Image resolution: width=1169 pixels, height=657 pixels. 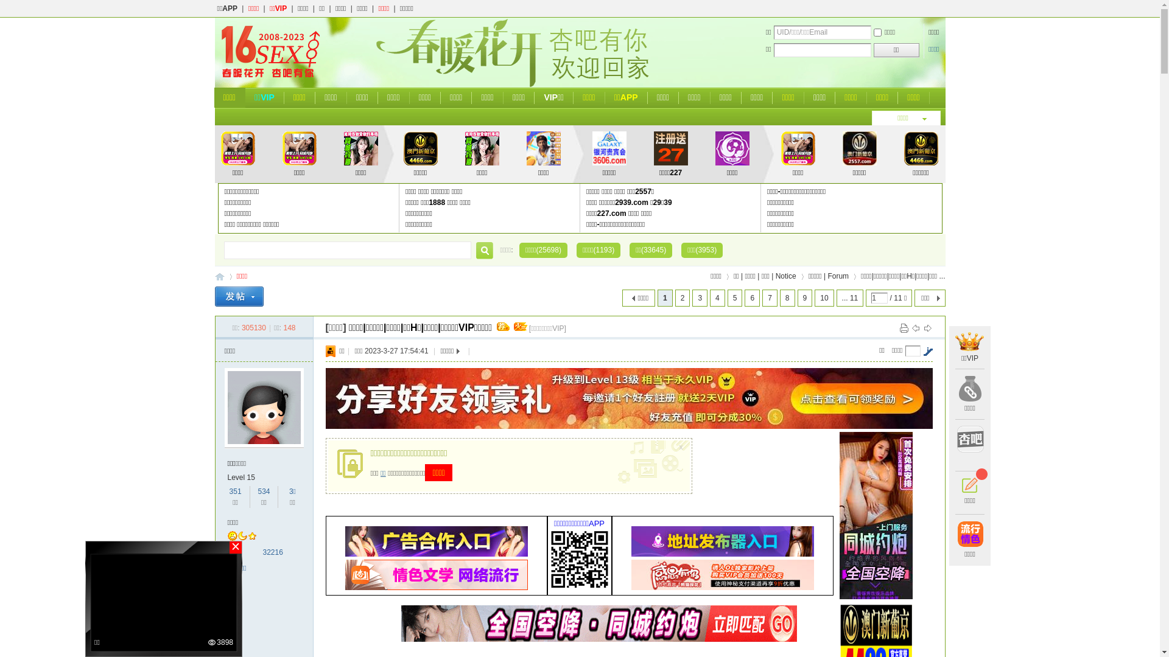 What do you see at coordinates (734, 297) in the screenshot?
I see `'5'` at bounding box center [734, 297].